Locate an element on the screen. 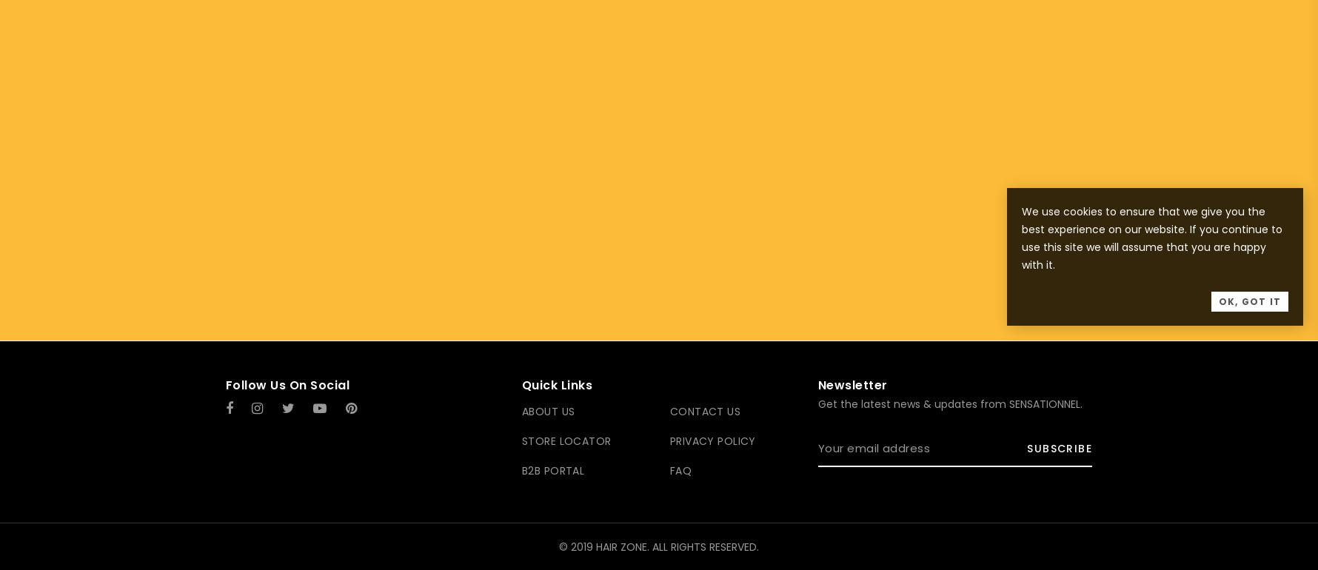  'Follow Us On Social' is located at coordinates (287, 385).